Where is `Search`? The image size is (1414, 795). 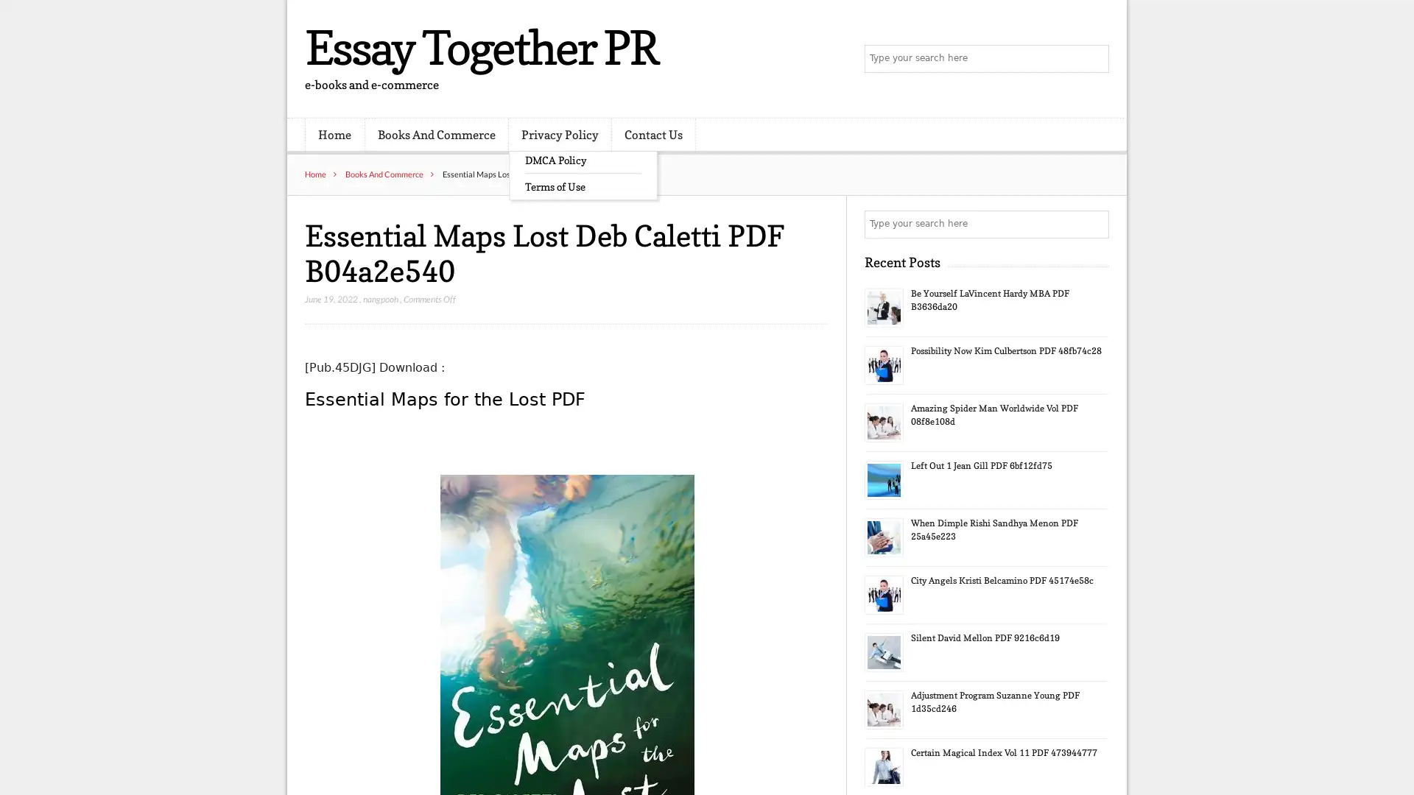
Search is located at coordinates (1094, 59).